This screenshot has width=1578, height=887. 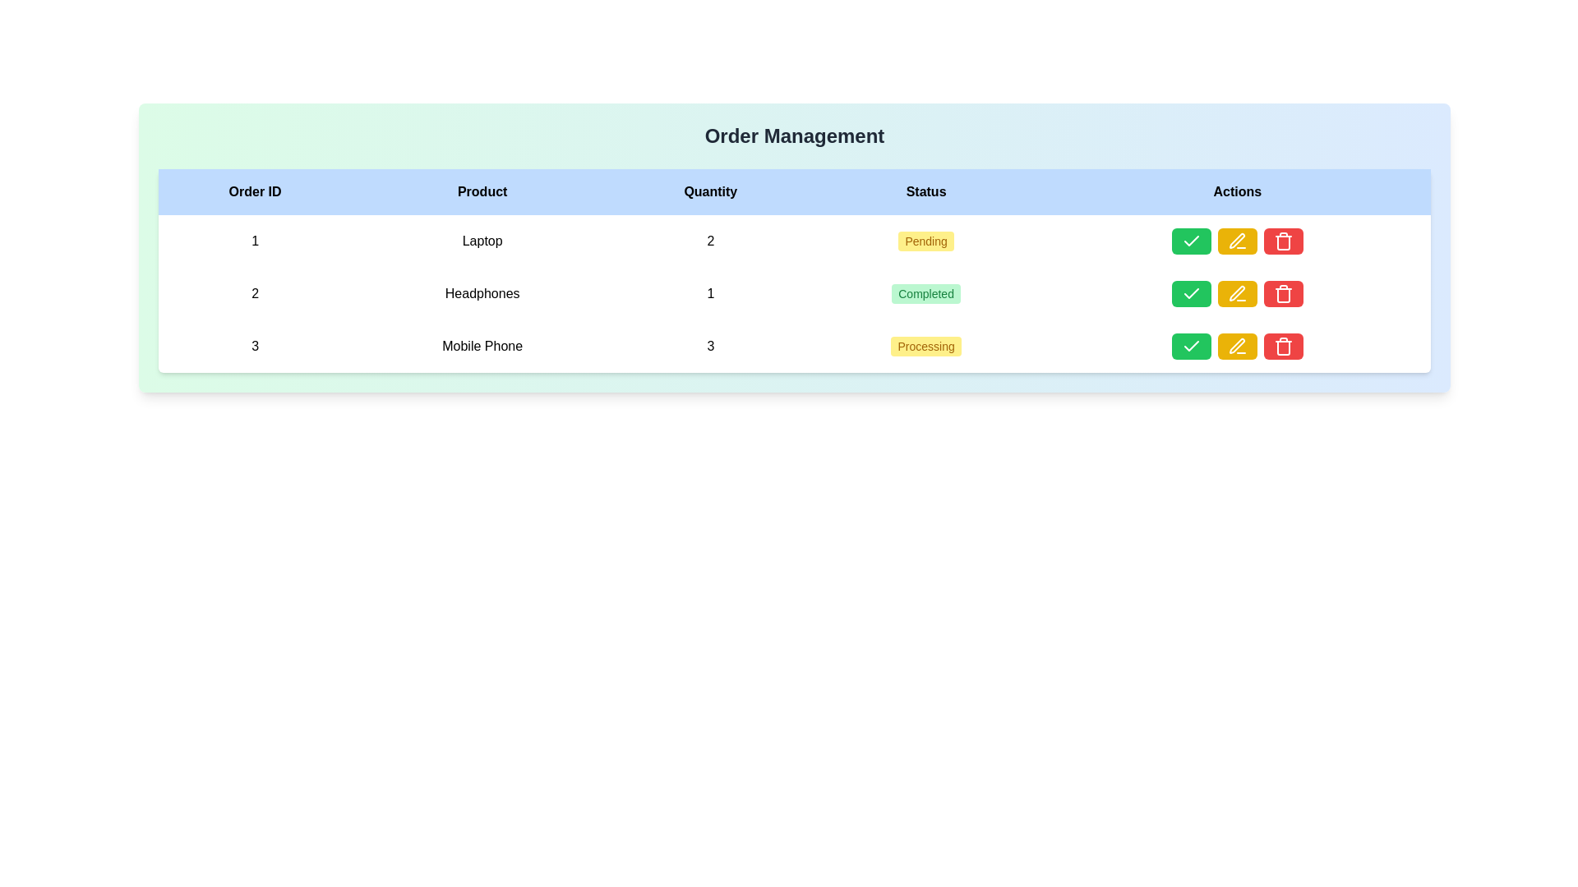 I want to click on the pen icon button located in the Actions column of the second row to initiate editing, so click(x=1237, y=241).